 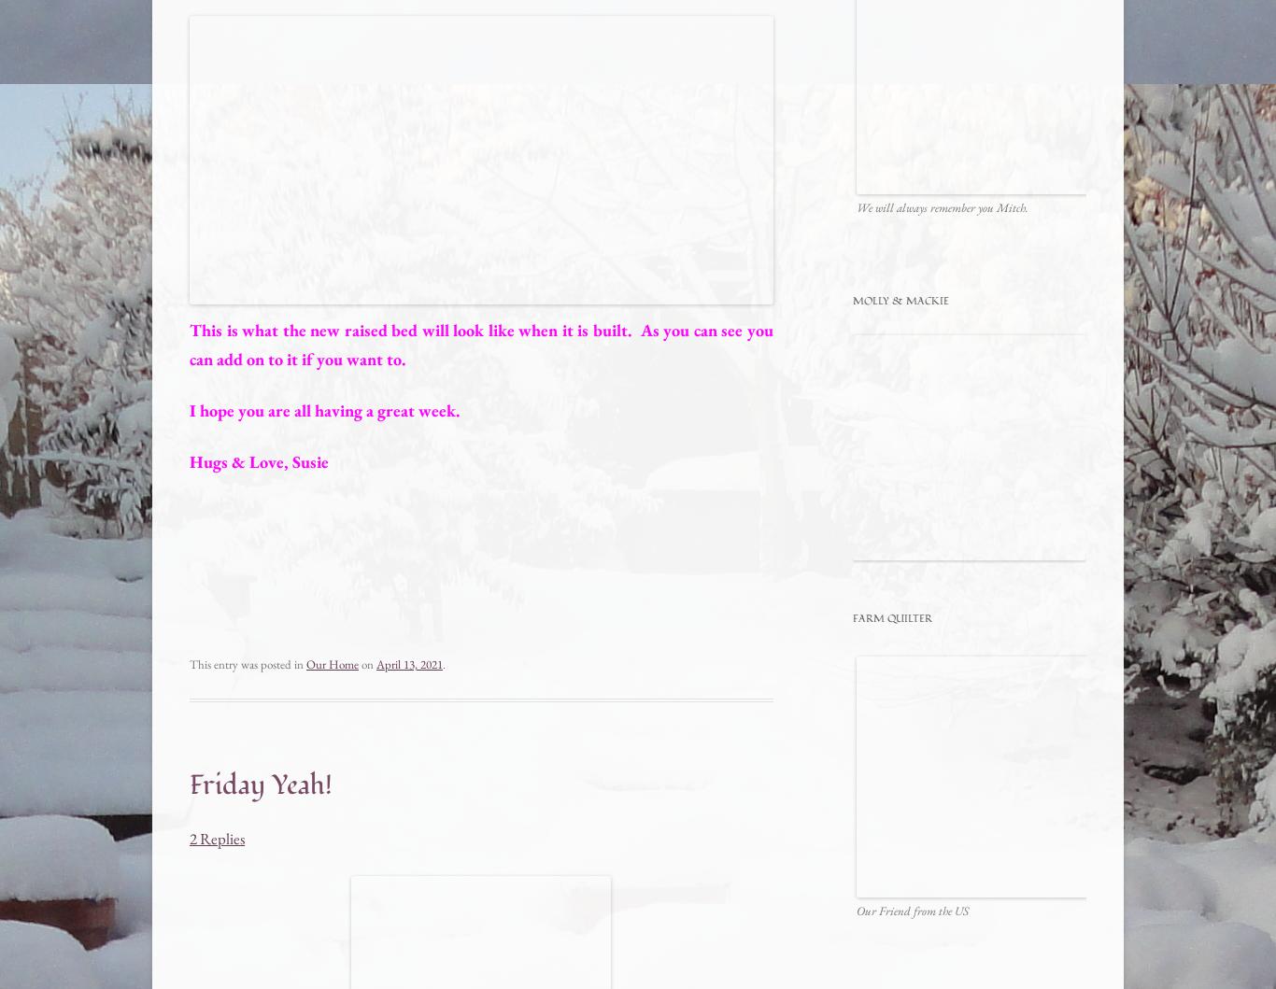 I want to click on 'Molly & Mackie', so click(x=900, y=299).